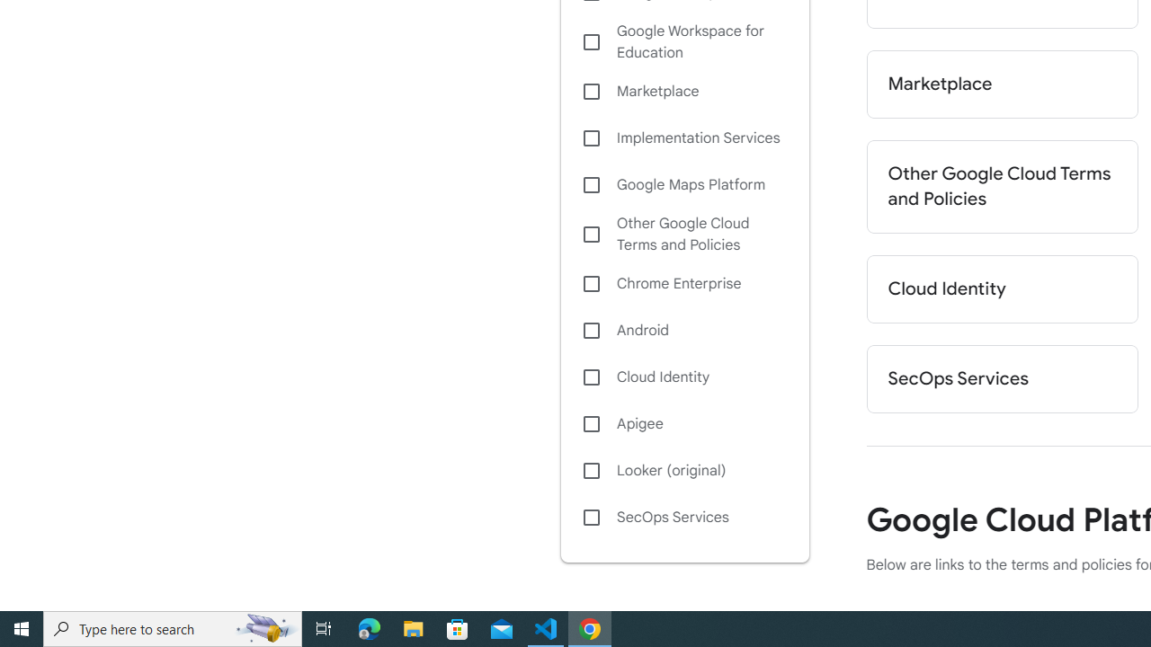 The image size is (1151, 647). What do you see at coordinates (683, 423) in the screenshot?
I see `'Apigee'` at bounding box center [683, 423].